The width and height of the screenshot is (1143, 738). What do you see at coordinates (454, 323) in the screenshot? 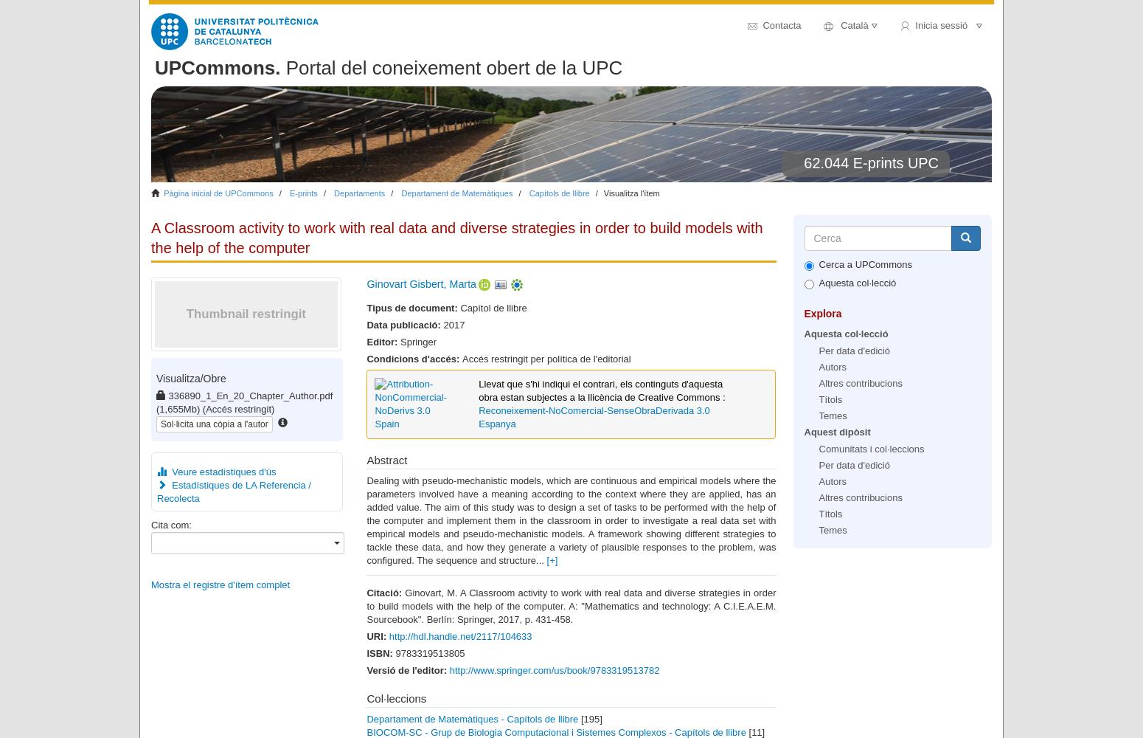
I see `'2017'` at bounding box center [454, 323].